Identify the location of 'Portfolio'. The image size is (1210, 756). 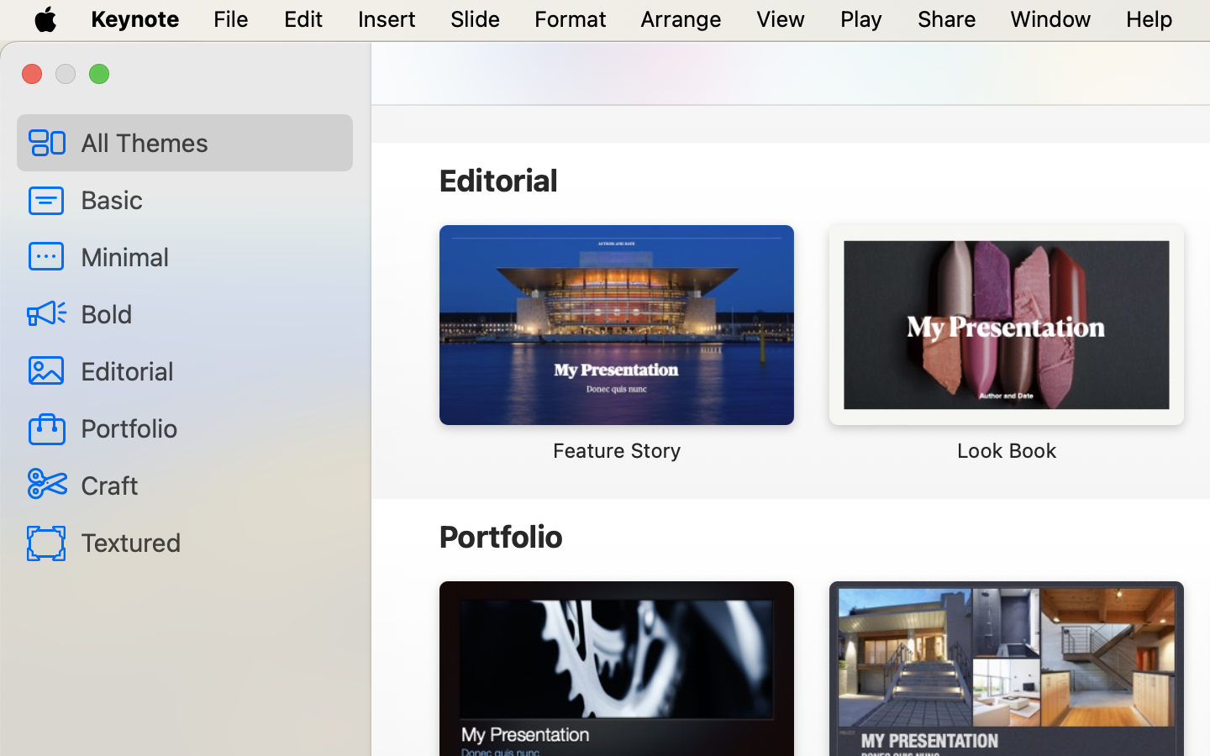
(208, 427).